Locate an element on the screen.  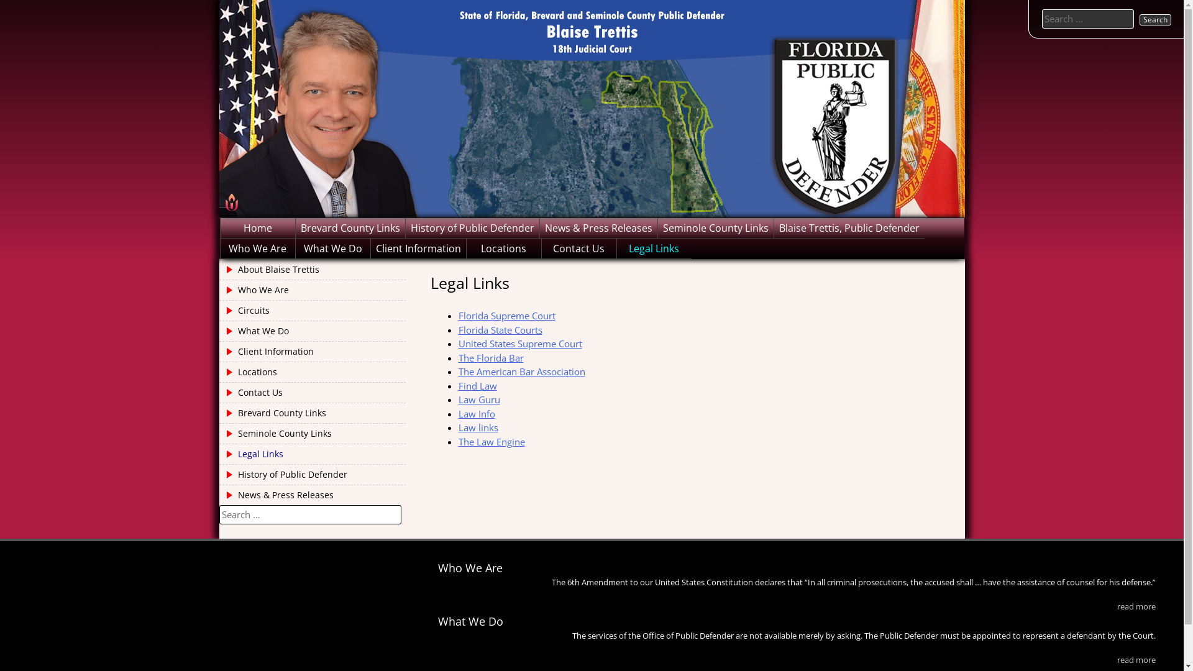
'Who We Are' is located at coordinates (312, 290).